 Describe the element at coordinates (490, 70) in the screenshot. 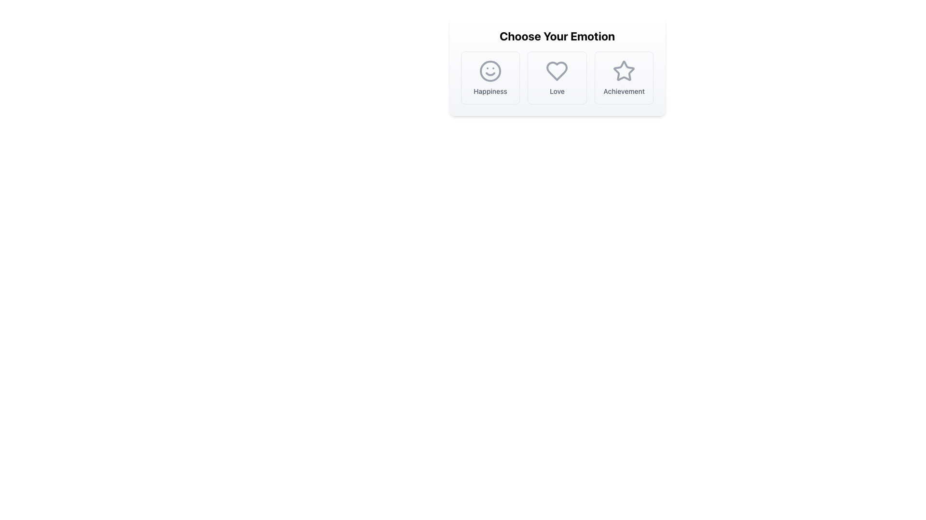

I see `the decorative SVG circle that is the centerpiece of a smiling face icon, located in the top-left corner of a horizontal arrangement of three icons` at that location.